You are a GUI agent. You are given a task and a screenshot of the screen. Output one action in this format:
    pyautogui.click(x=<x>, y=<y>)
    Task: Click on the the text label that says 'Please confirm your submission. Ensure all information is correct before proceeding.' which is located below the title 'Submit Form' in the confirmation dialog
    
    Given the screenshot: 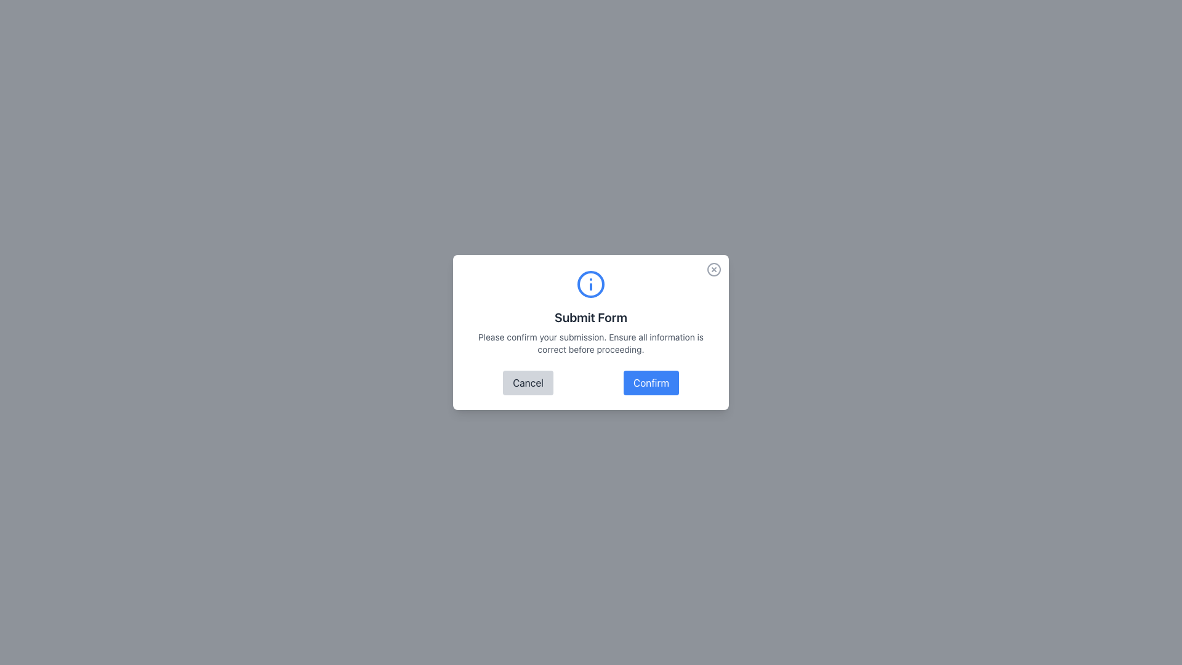 What is the action you would take?
    pyautogui.click(x=591, y=344)
    